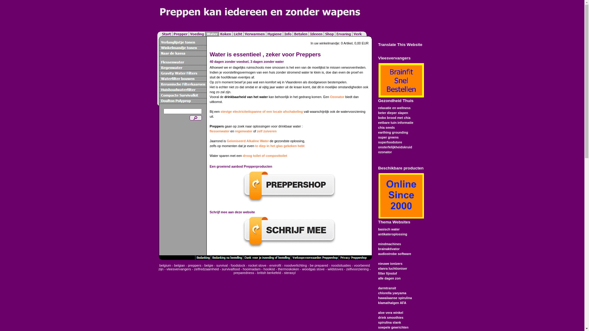 This screenshot has height=331, width=589. What do you see at coordinates (395, 123) in the screenshot?
I see `'eetbare tuin informatie'` at bounding box center [395, 123].